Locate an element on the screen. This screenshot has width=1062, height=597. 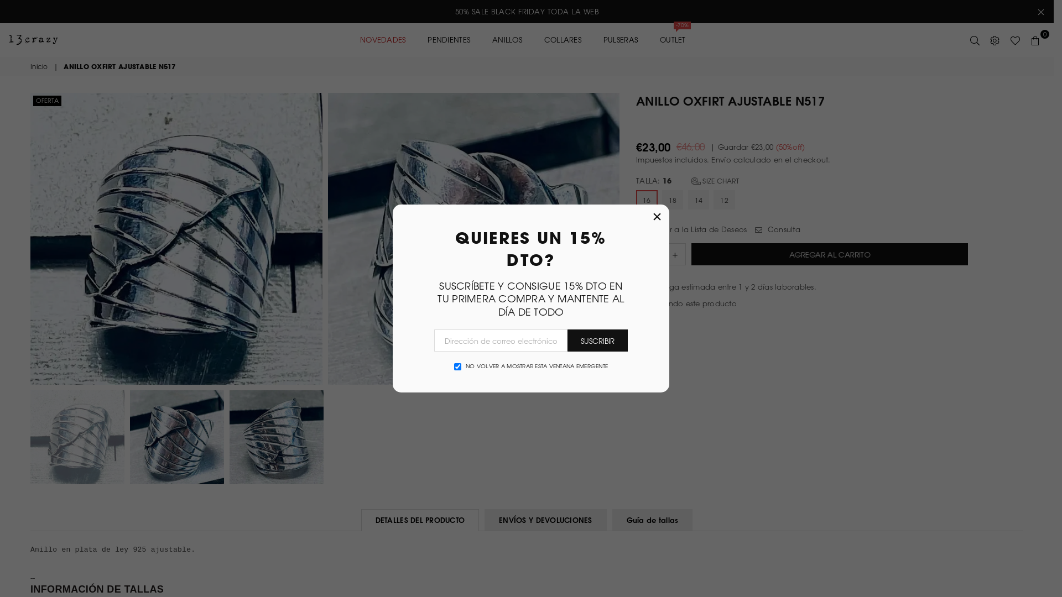
'Inicio' is located at coordinates (40, 66).